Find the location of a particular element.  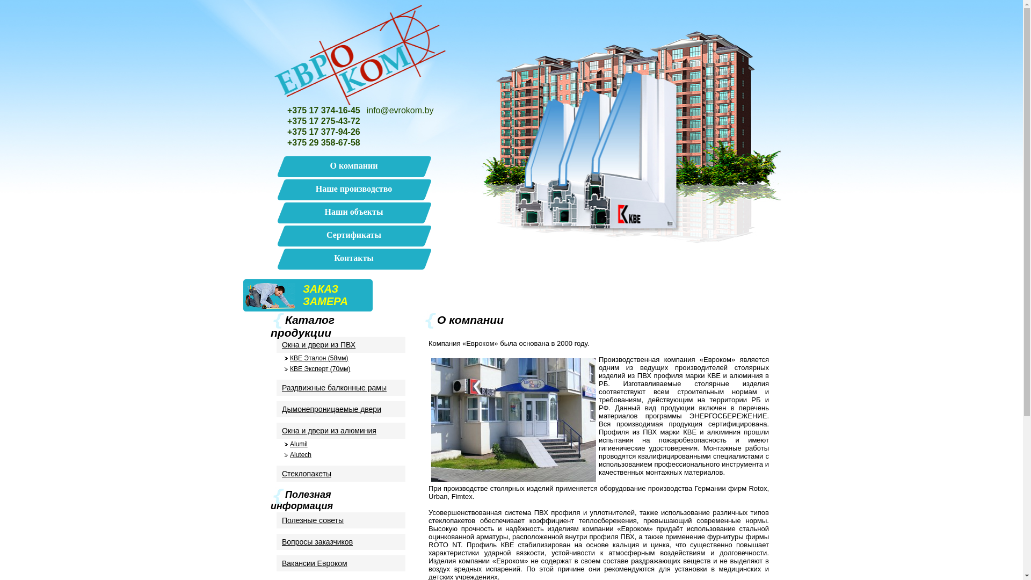

'Alutech' is located at coordinates (340, 455).